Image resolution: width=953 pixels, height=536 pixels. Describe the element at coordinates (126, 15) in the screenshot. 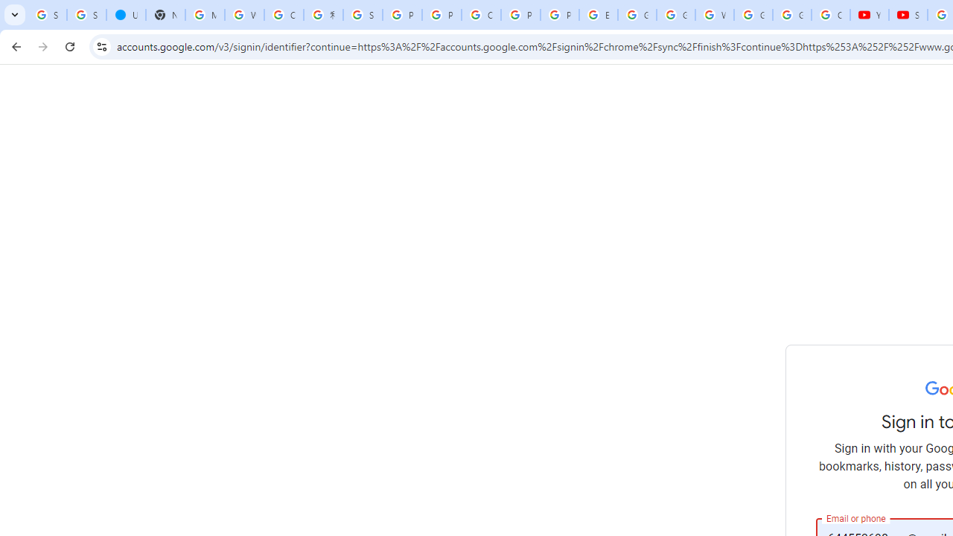

I see `'USA TODAY'` at that location.